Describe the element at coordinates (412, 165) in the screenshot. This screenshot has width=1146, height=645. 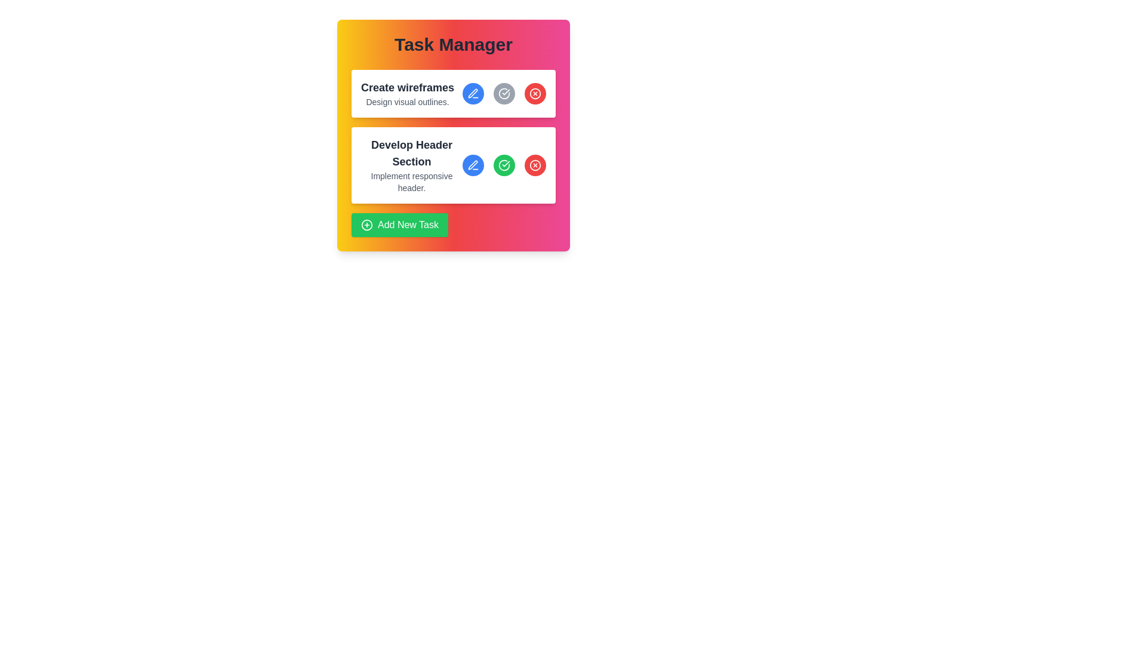
I see `the list item that contains the bold text 'Develop Header Section' and the smaller grayed-out text 'Implement responsive header'` at that location.